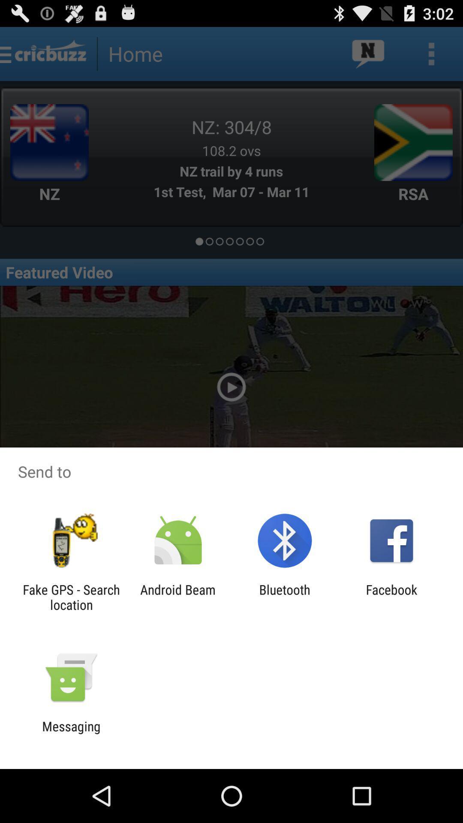 The image size is (463, 823). What do you see at coordinates (71, 597) in the screenshot?
I see `app next to the android beam icon` at bounding box center [71, 597].